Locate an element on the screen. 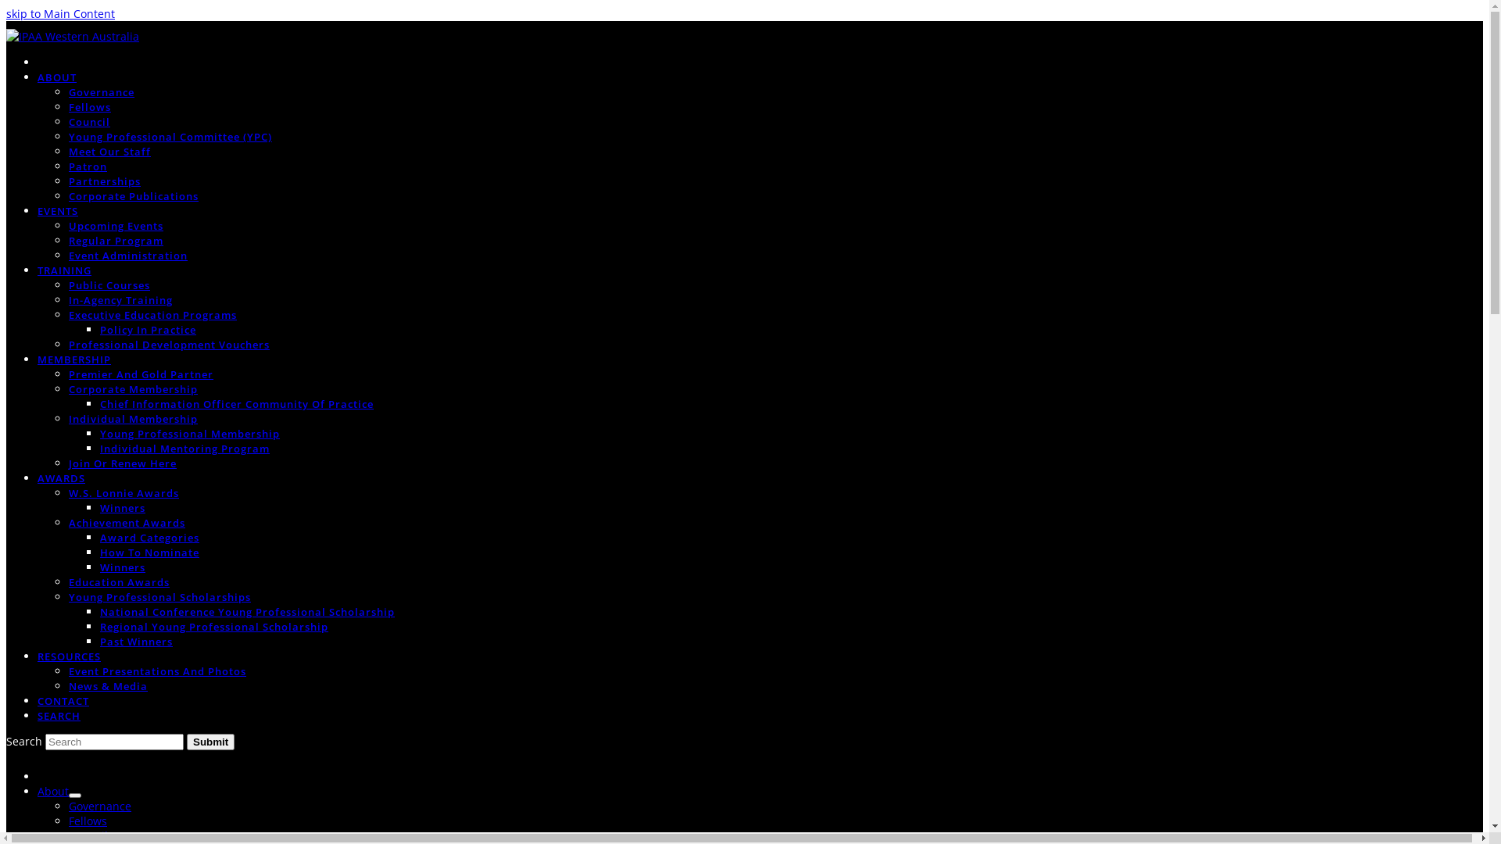 This screenshot has width=1501, height=844. 'Individual Membership' is located at coordinates (67, 417).